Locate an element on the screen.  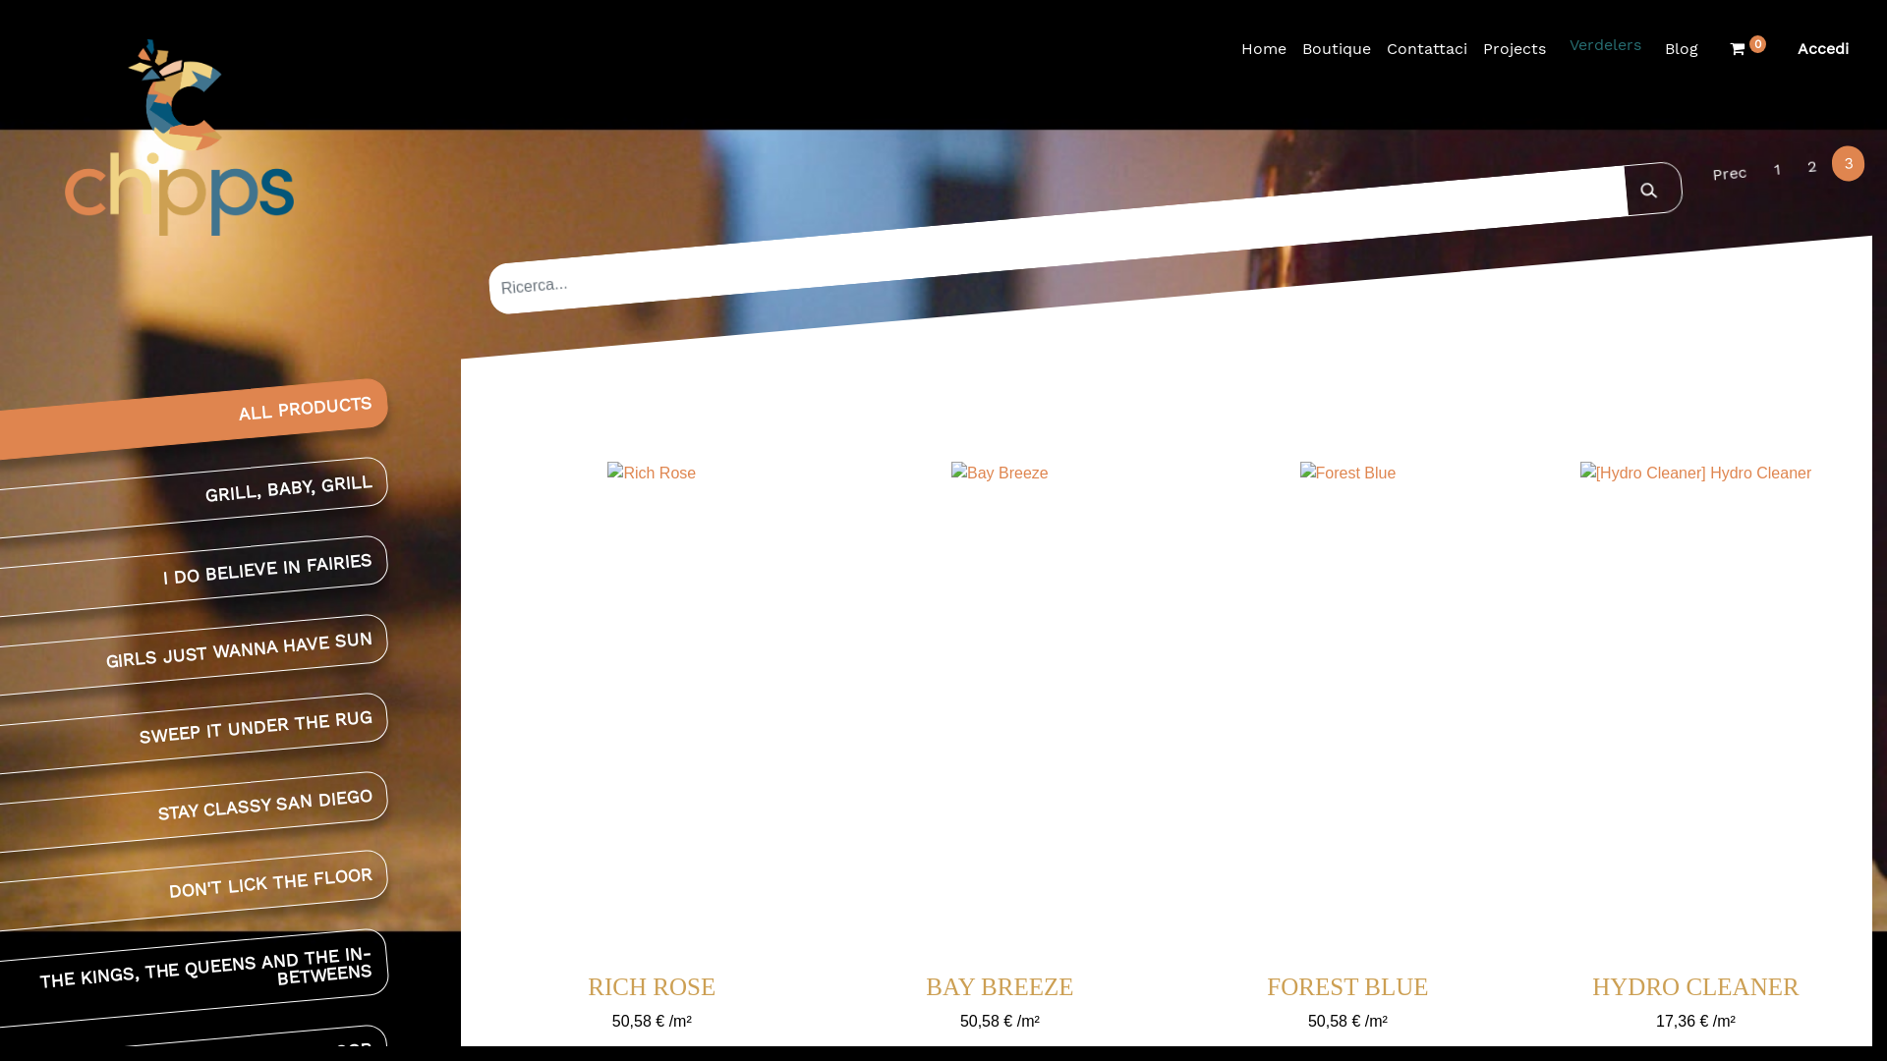
'Verdelers' is located at coordinates (1605, 44).